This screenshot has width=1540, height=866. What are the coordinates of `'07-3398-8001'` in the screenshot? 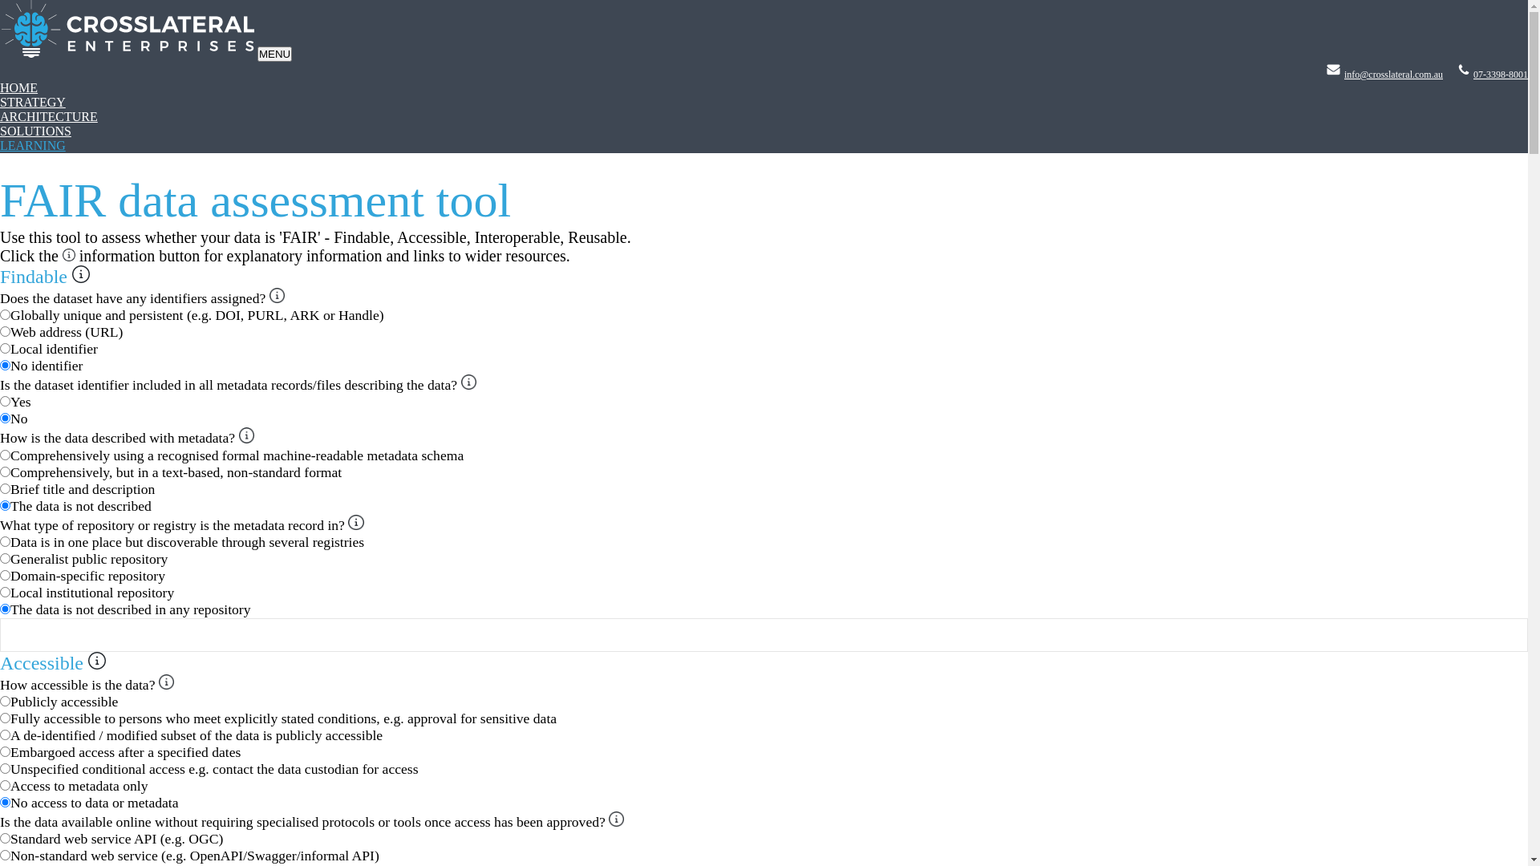 It's located at (1500, 74).